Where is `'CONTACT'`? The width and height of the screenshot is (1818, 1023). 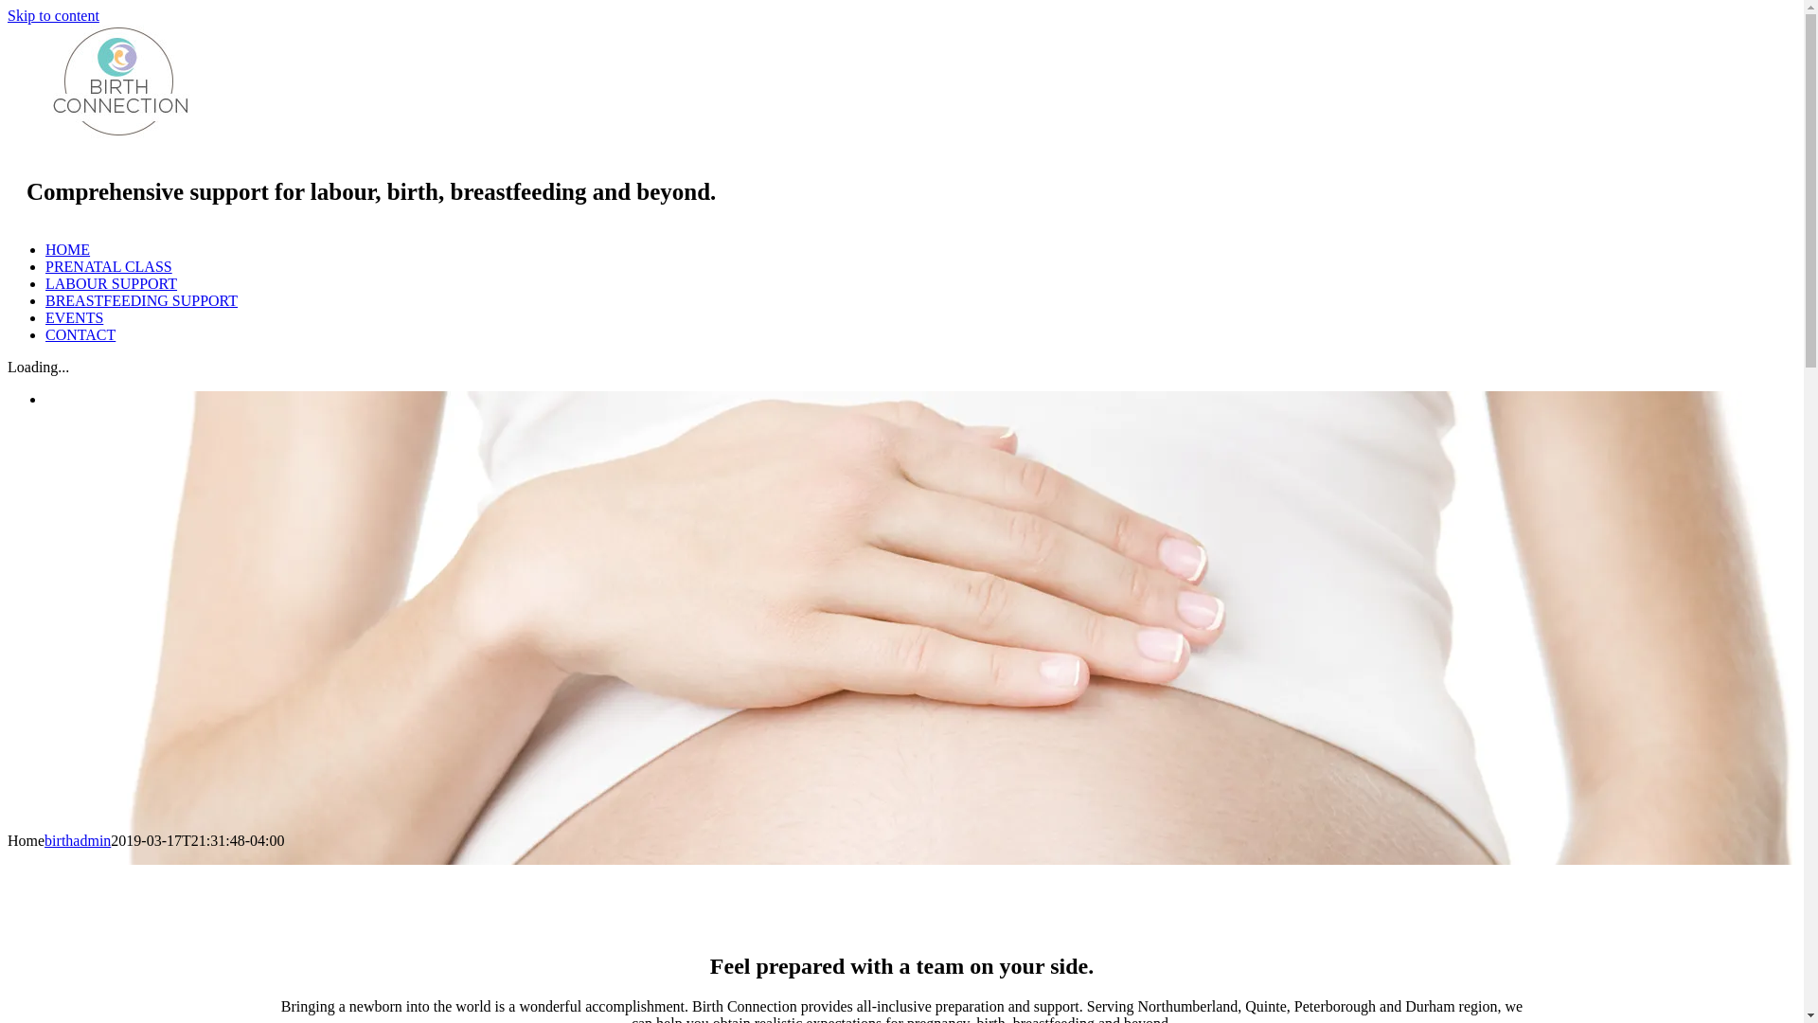
'CONTACT' is located at coordinates (80, 333).